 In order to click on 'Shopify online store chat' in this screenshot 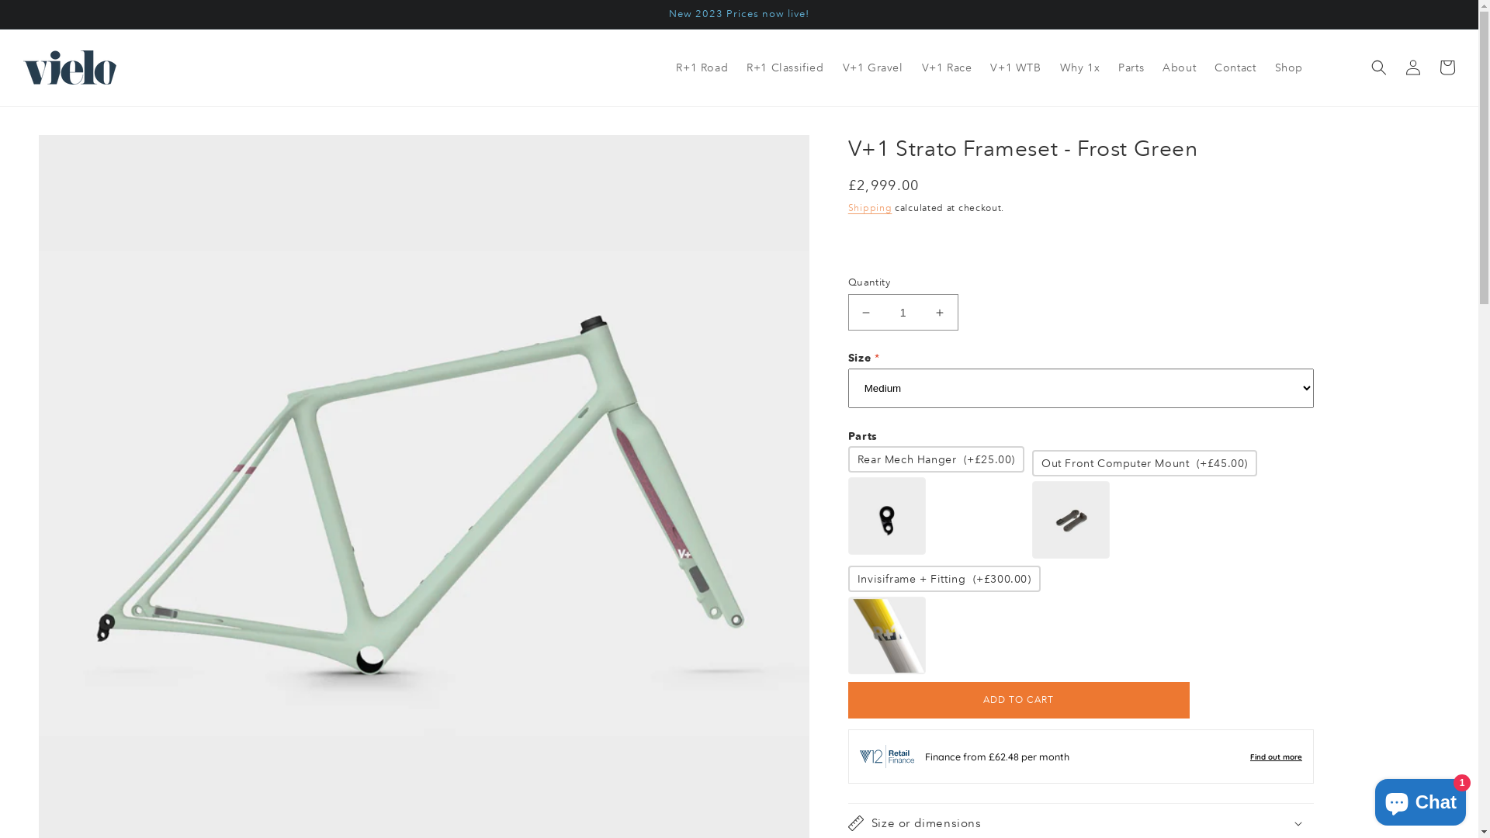, I will do `click(1420, 798)`.